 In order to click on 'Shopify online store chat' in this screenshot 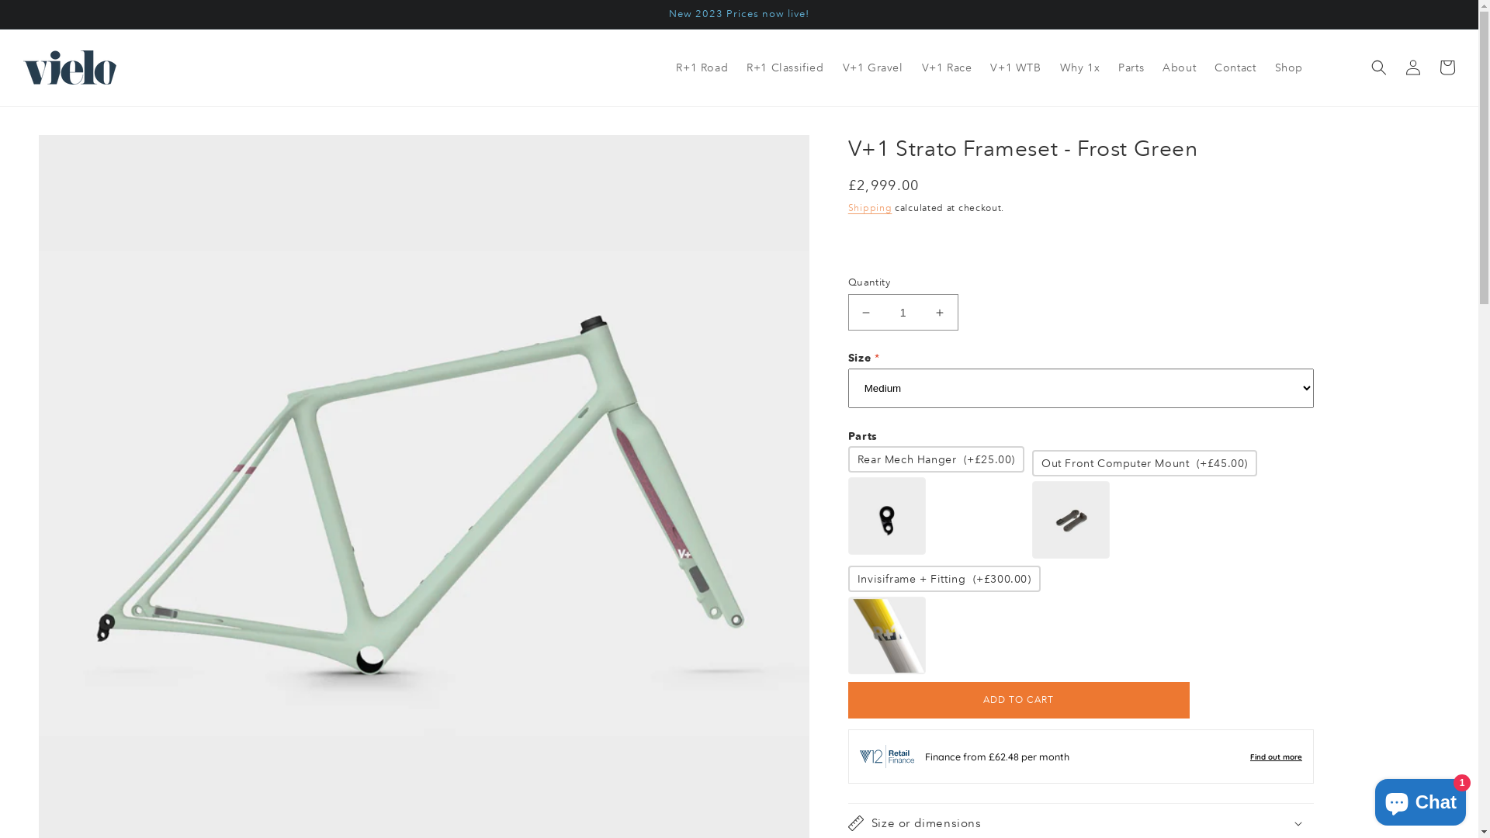, I will do `click(1420, 798)`.